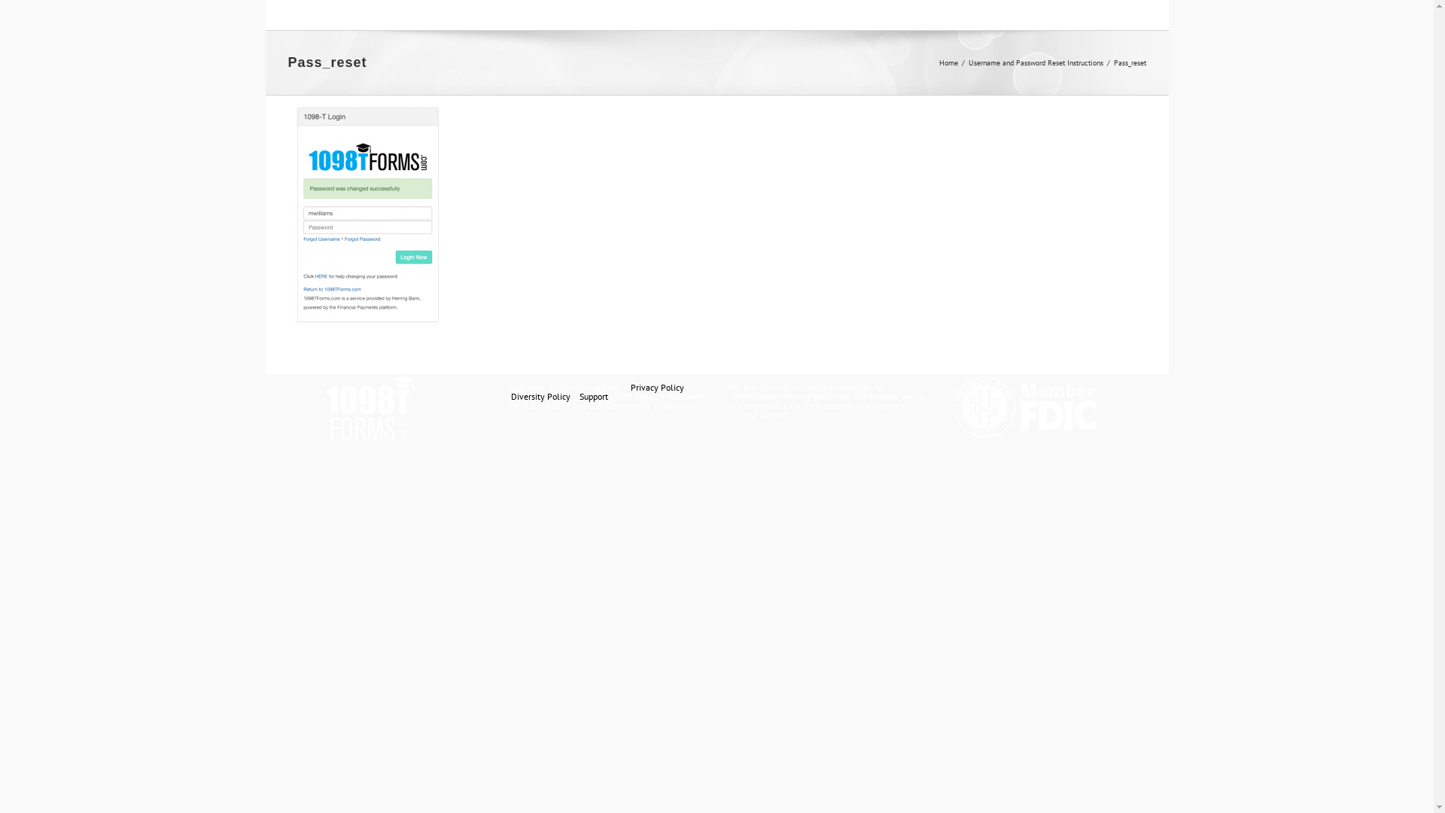 The height and width of the screenshot is (813, 1445). Describe the element at coordinates (1034, 61) in the screenshot. I see `'Username and Password Reset Instructions'` at that location.